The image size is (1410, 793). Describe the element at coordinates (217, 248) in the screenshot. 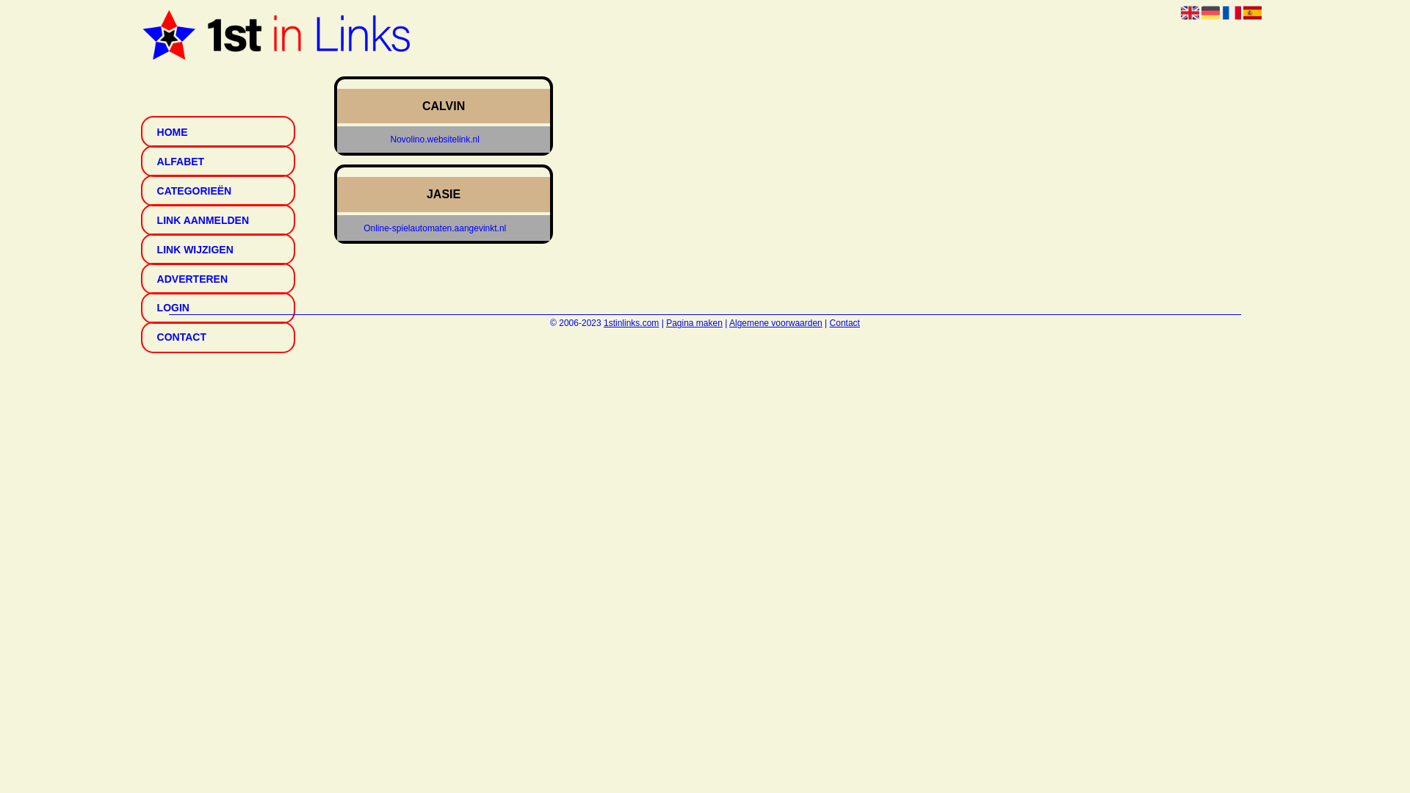

I see `'LINK WIJZIGEN'` at that location.